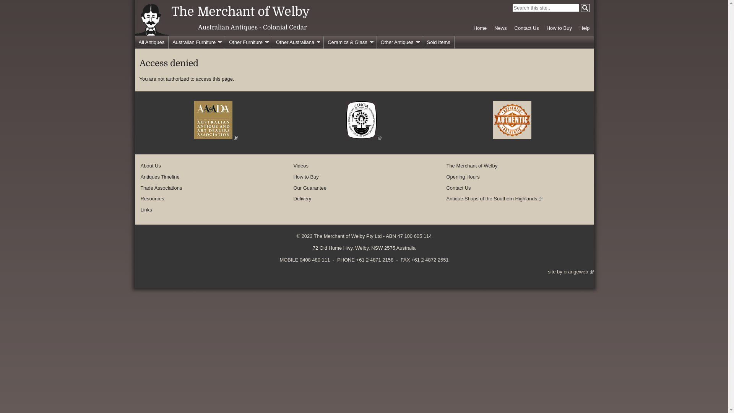  What do you see at coordinates (500, 28) in the screenshot?
I see `'News'` at bounding box center [500, 28].